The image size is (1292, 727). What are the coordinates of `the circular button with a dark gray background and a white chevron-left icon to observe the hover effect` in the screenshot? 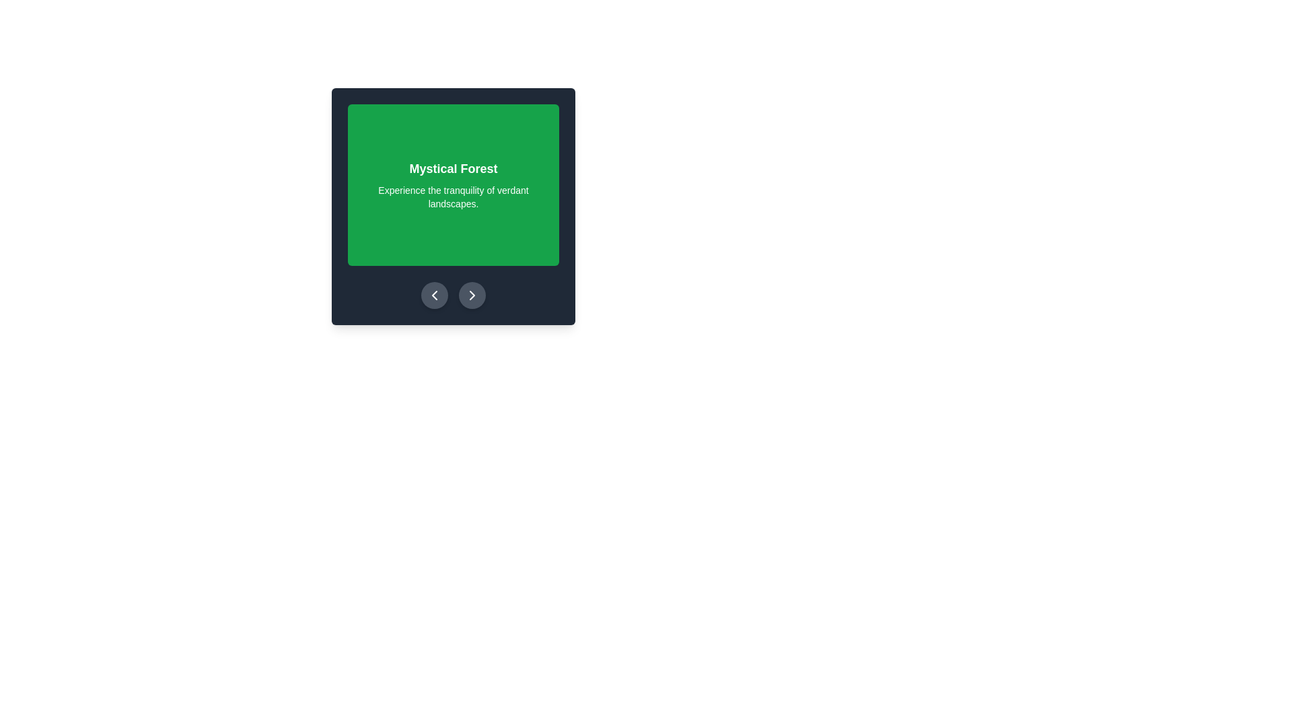 It's located at (435, 295).